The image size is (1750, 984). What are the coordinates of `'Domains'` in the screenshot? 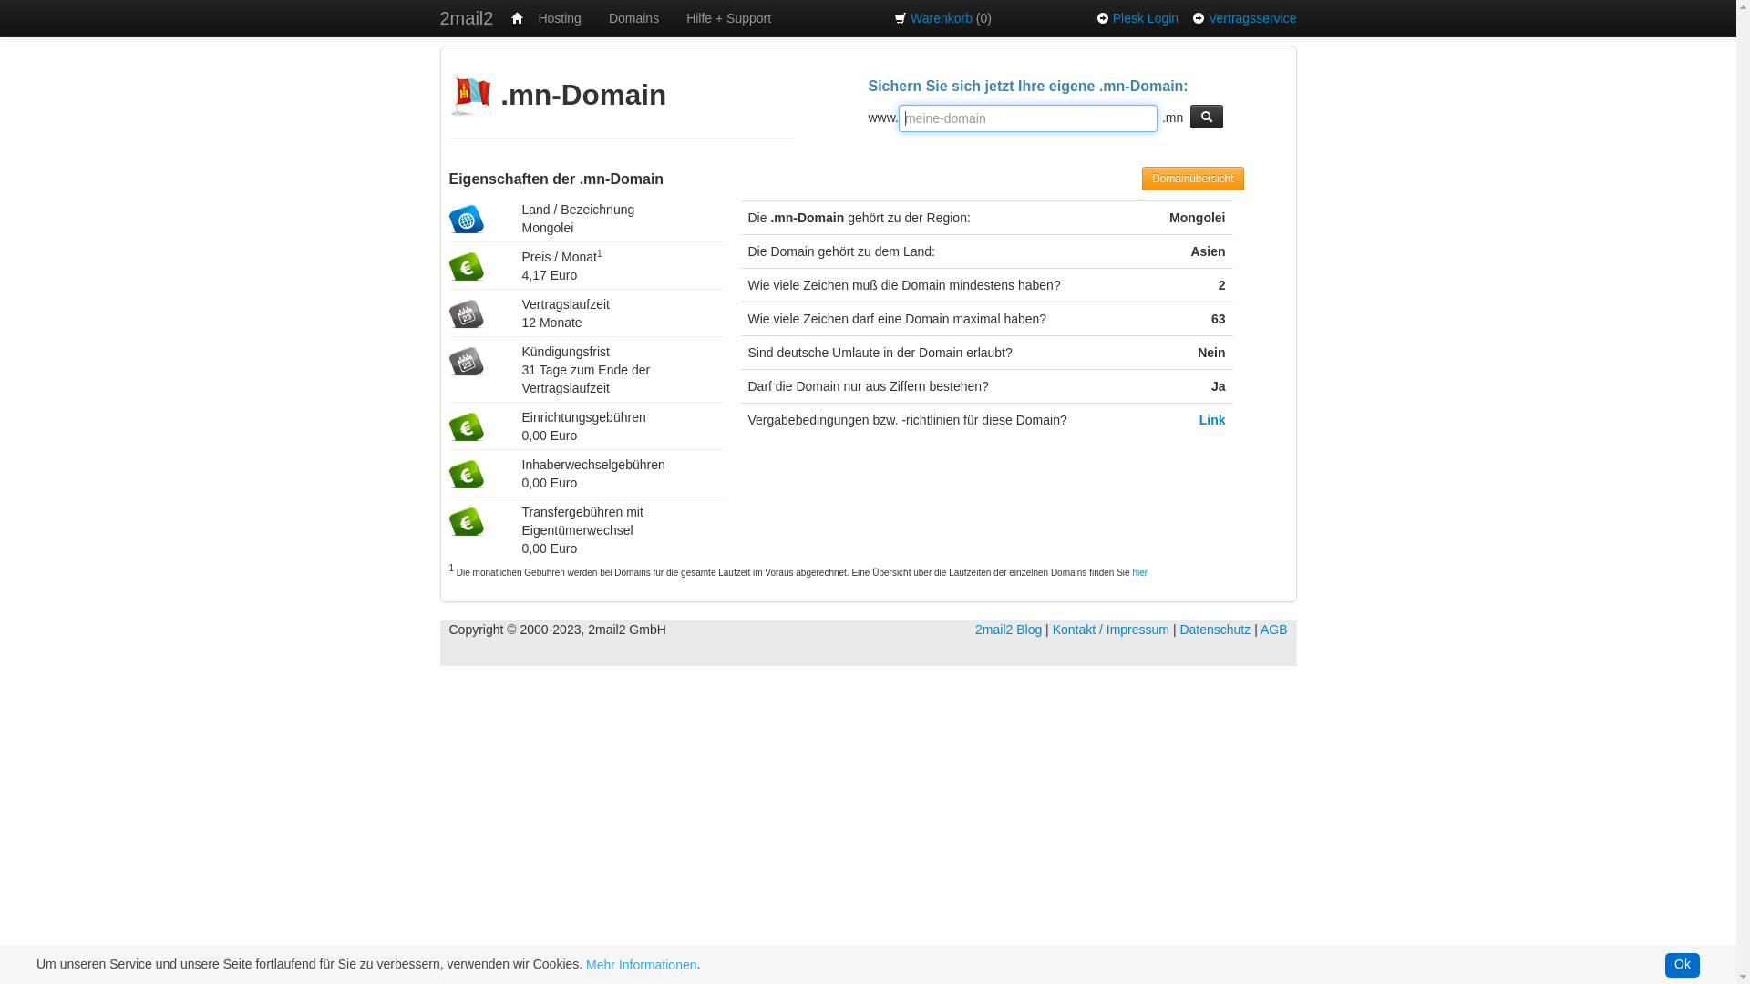 It's located at (594, 17).